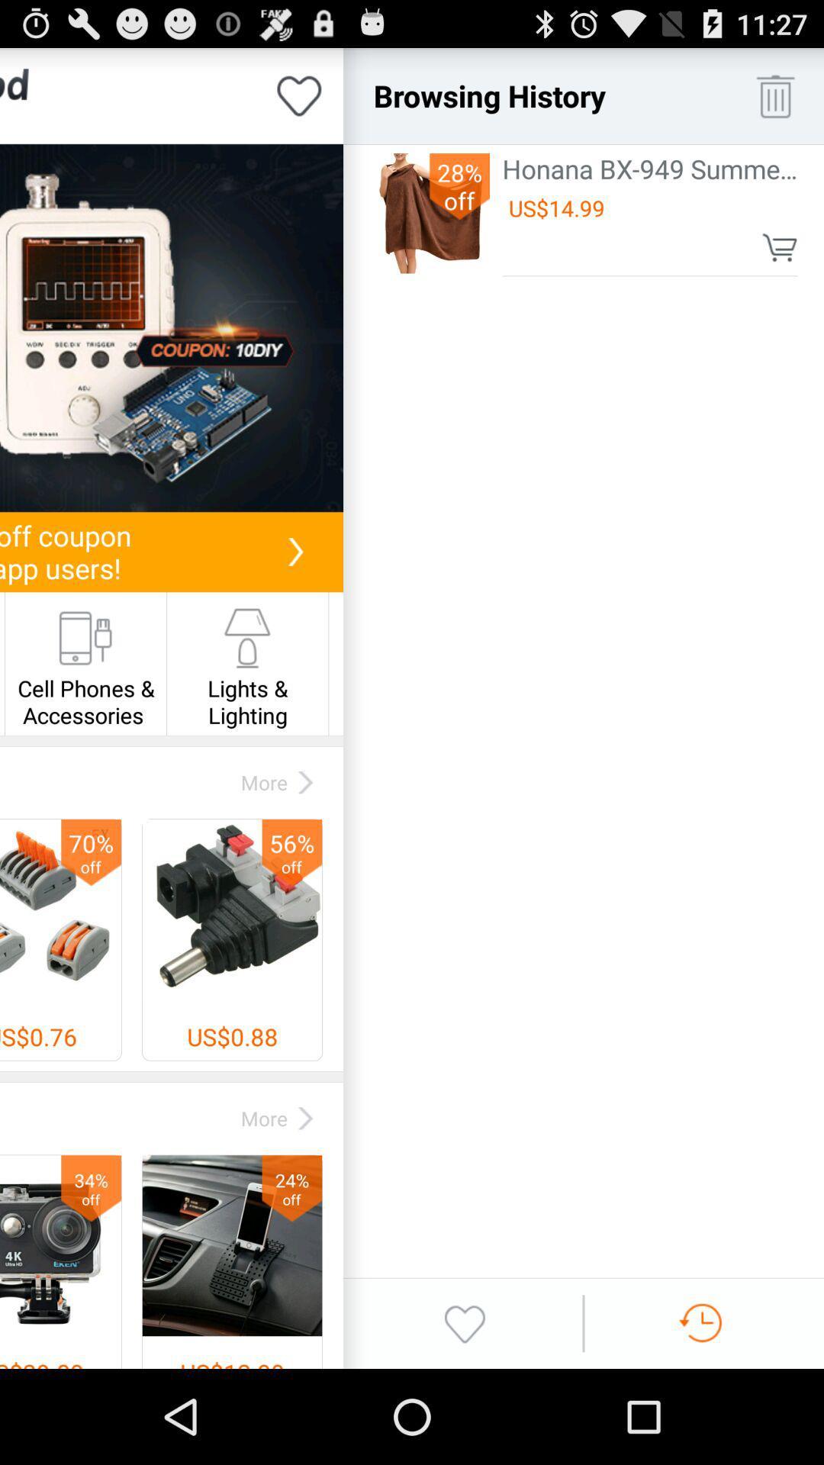  I want to click on the delete icon, so click(775, 101).